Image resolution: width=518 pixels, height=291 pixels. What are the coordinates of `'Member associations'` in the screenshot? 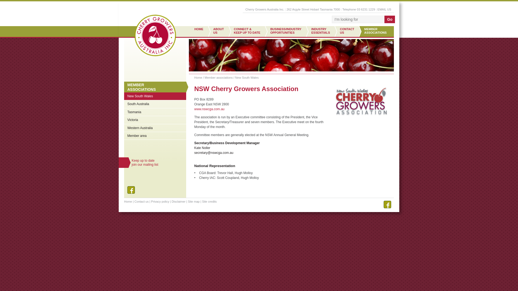 It's located at (219, 78).